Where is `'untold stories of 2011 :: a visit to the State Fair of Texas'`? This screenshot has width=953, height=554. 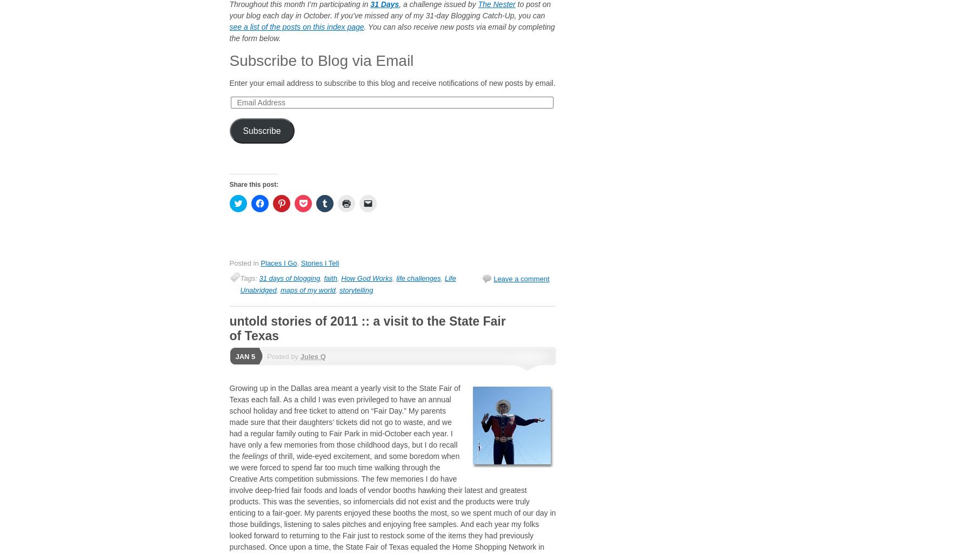 'untold stories of 2011 :: a visit to the State Fair of Texas' is located at coordinates (367, 327).